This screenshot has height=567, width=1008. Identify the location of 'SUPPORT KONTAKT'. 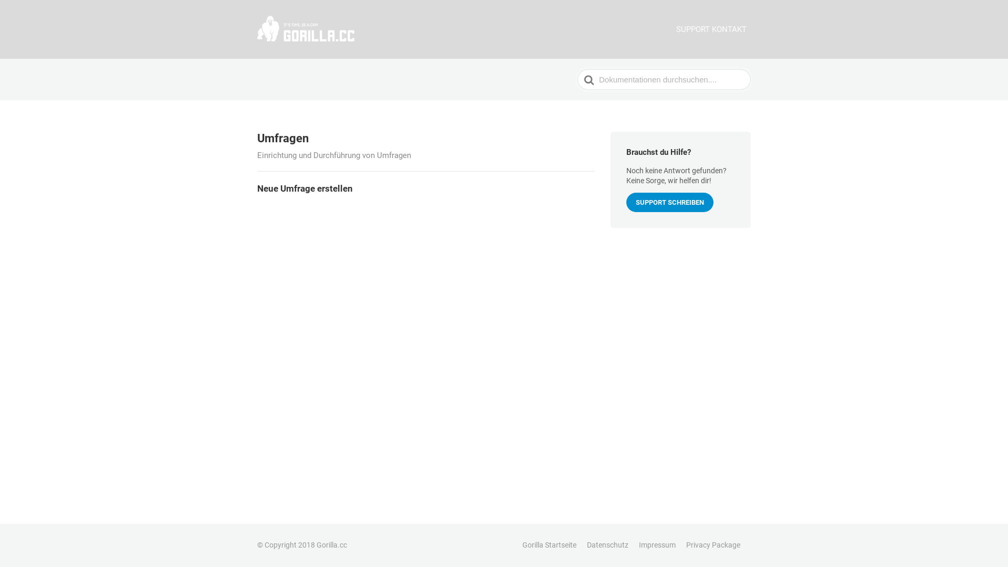
(711, 28).